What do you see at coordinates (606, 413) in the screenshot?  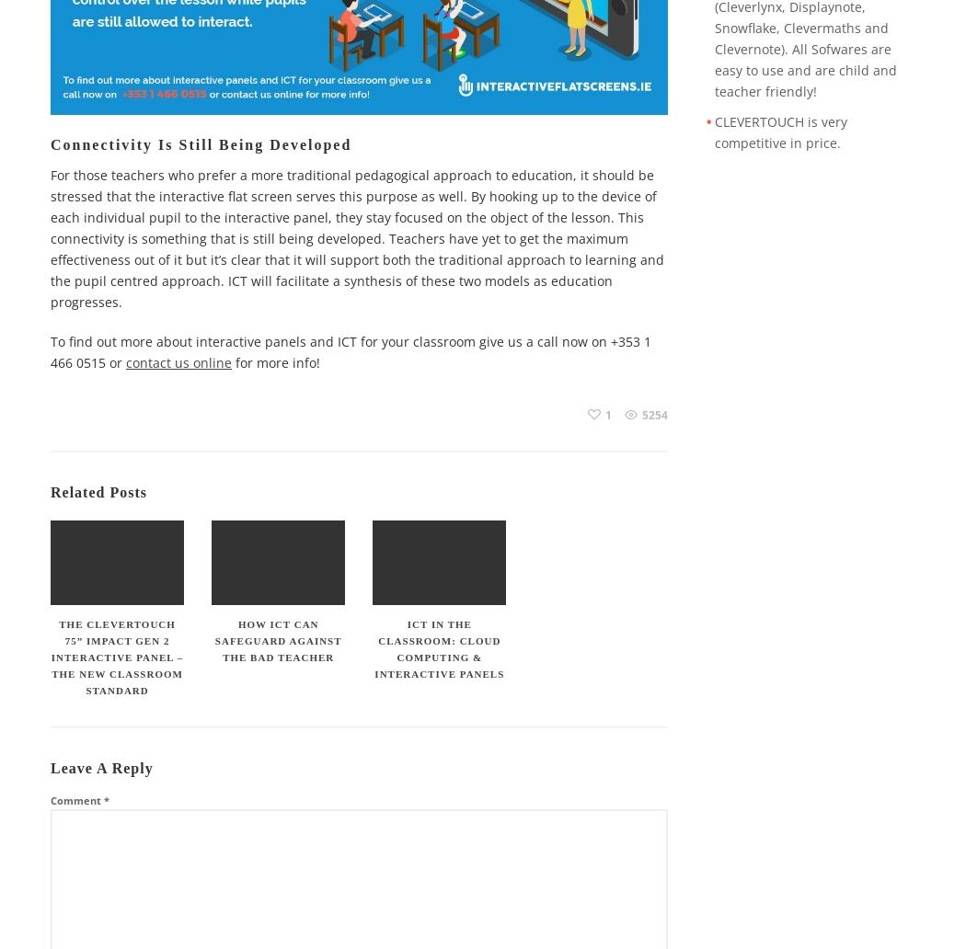 I see `'1'` at bounding box center [606, 413].